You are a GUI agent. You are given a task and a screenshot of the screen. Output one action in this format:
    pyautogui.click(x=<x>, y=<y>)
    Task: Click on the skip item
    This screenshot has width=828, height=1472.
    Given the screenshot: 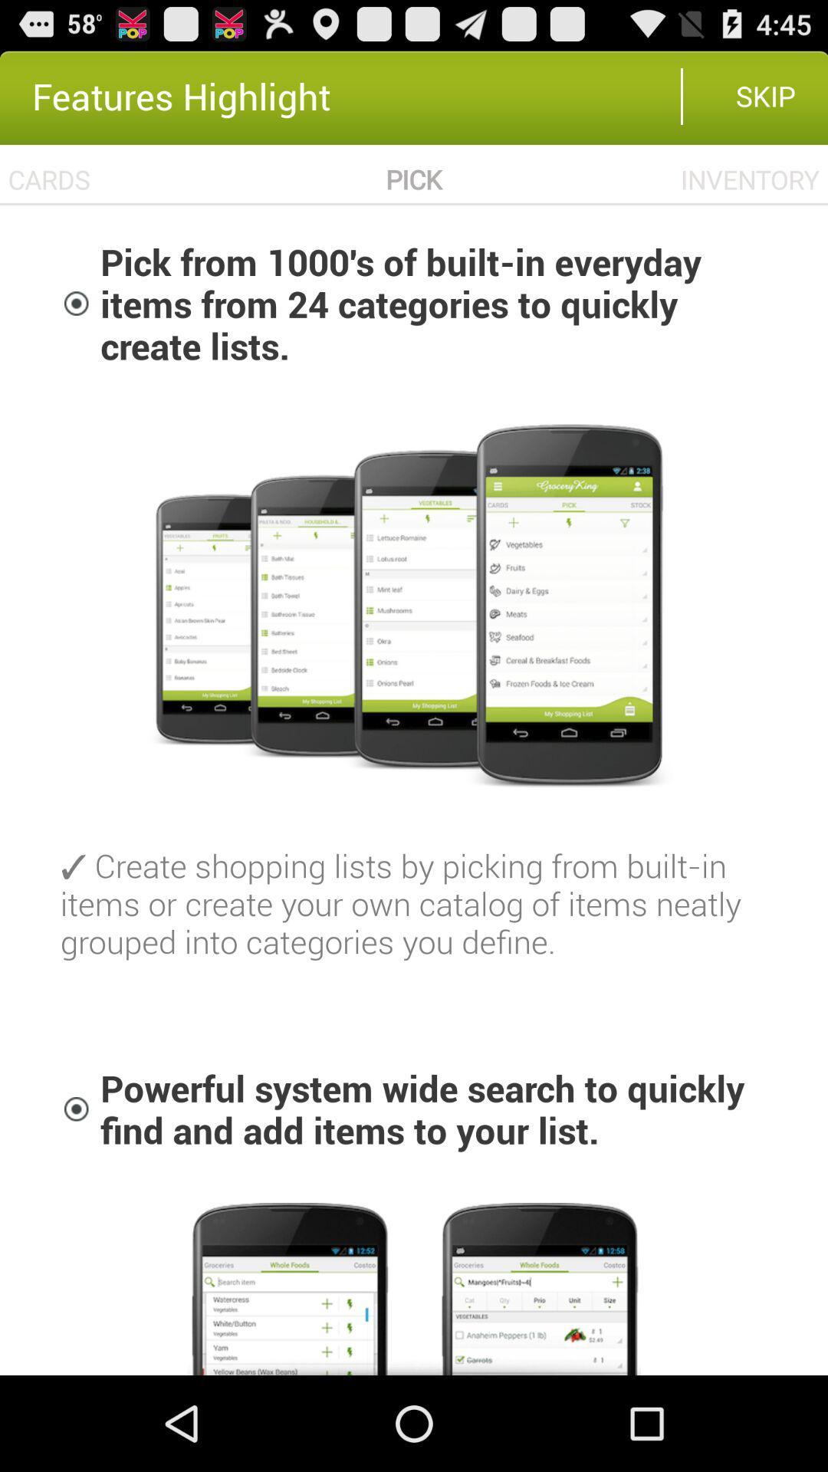 What is the action you would take?
    pyautogui.click(x=766, y=95)
    